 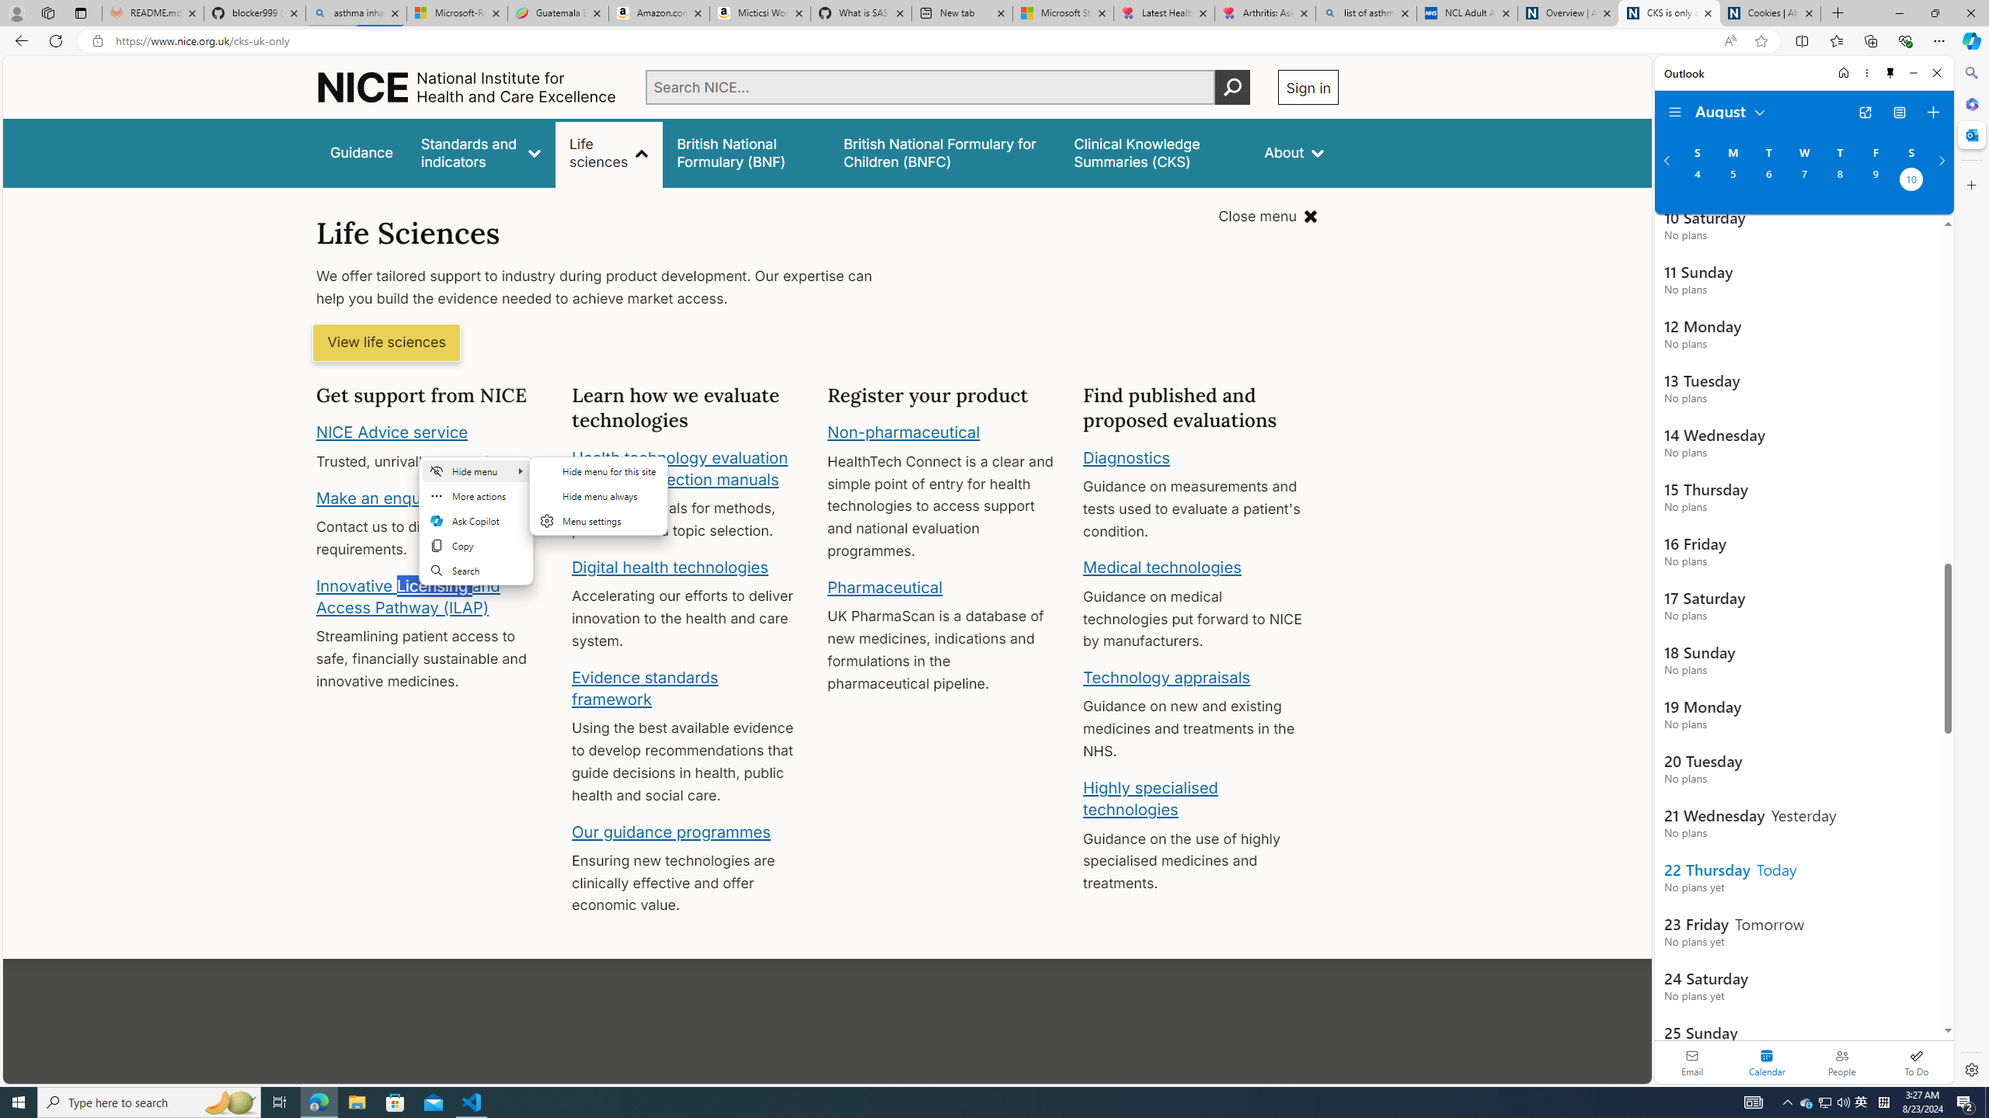 I want to click on 'Make an enquiry', so click(x=377, y=496).